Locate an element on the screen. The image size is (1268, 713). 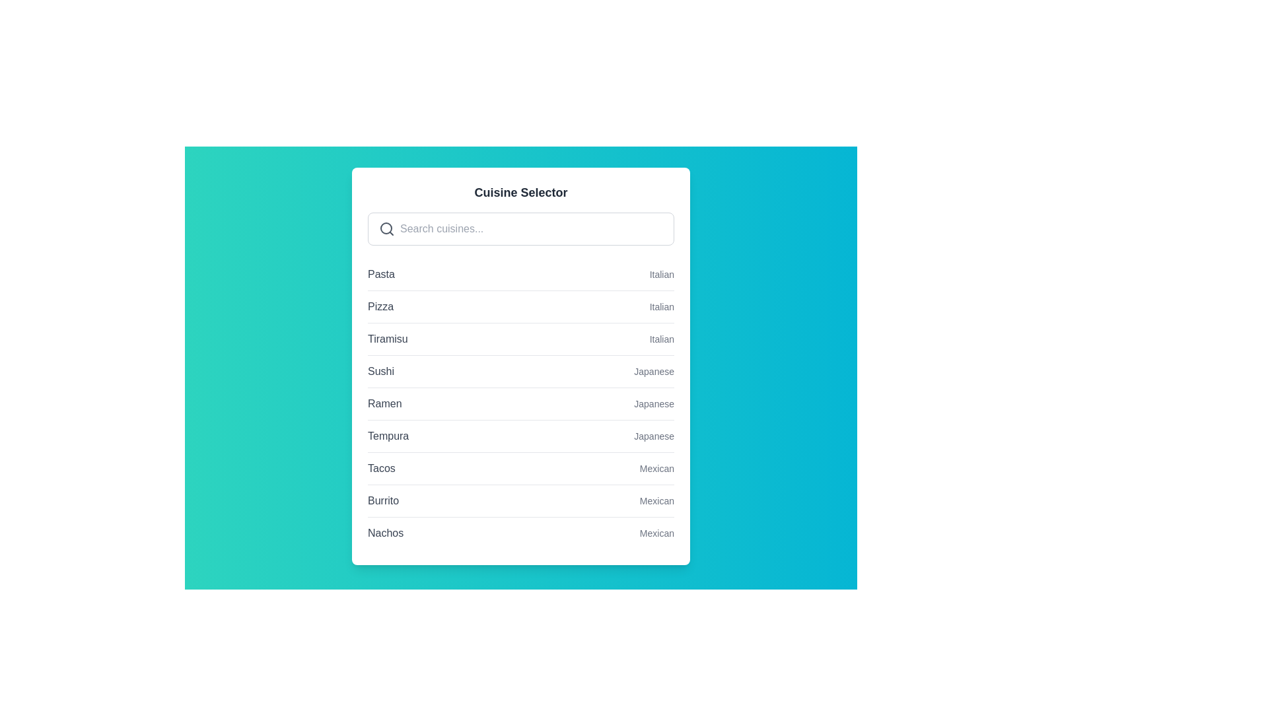
the circular lens of the search icon located inside the left side of the top input area labeled 'Search cuisines...' is located at coordinates (386, 228).